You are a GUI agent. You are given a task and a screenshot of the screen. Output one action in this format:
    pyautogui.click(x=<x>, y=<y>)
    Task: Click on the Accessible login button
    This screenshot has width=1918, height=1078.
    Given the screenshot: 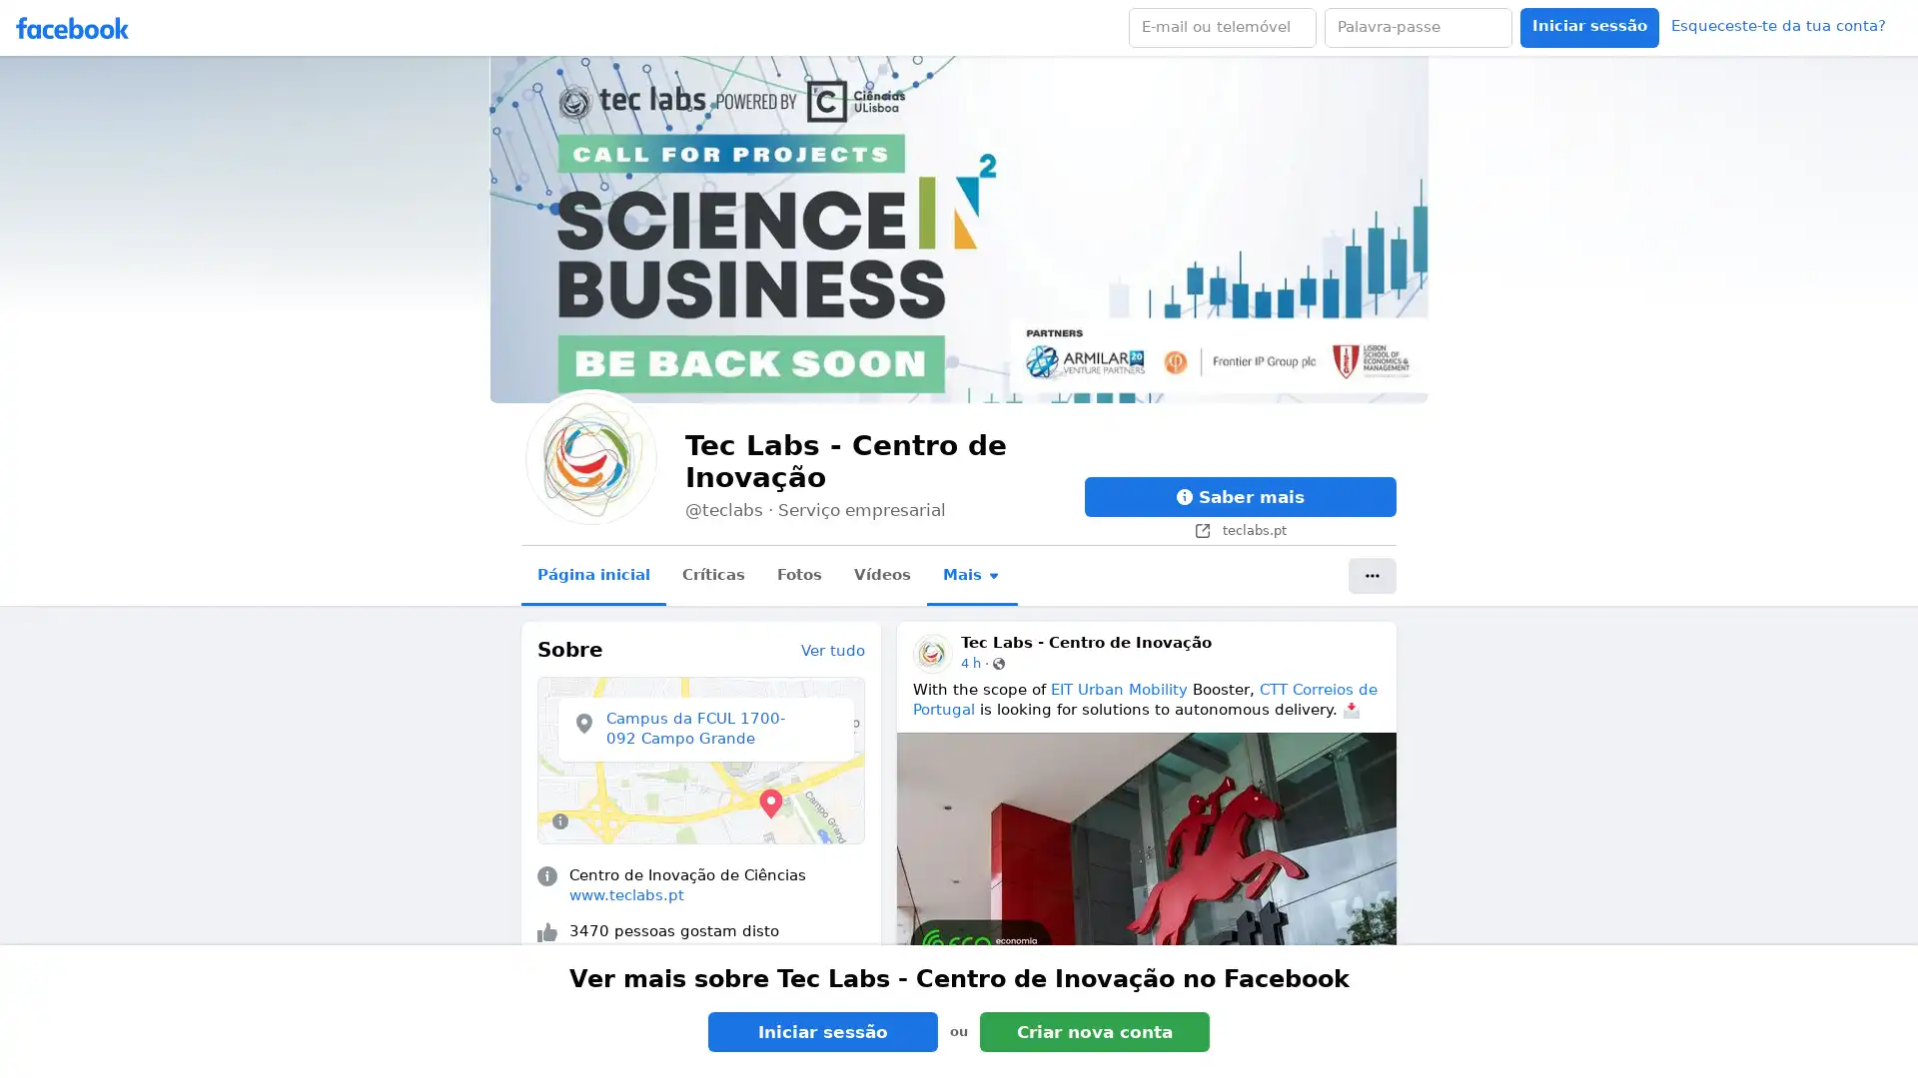 What is the action you would take?
    pyautogui.click(x=1588, y=27)
    